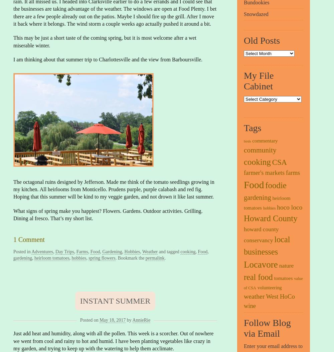 The width and height of the screenshot is (334, 352). I want to click on 'I am thinking about that summer trip to Charlottesville and the view from Barboursville.', so click(108, 59).